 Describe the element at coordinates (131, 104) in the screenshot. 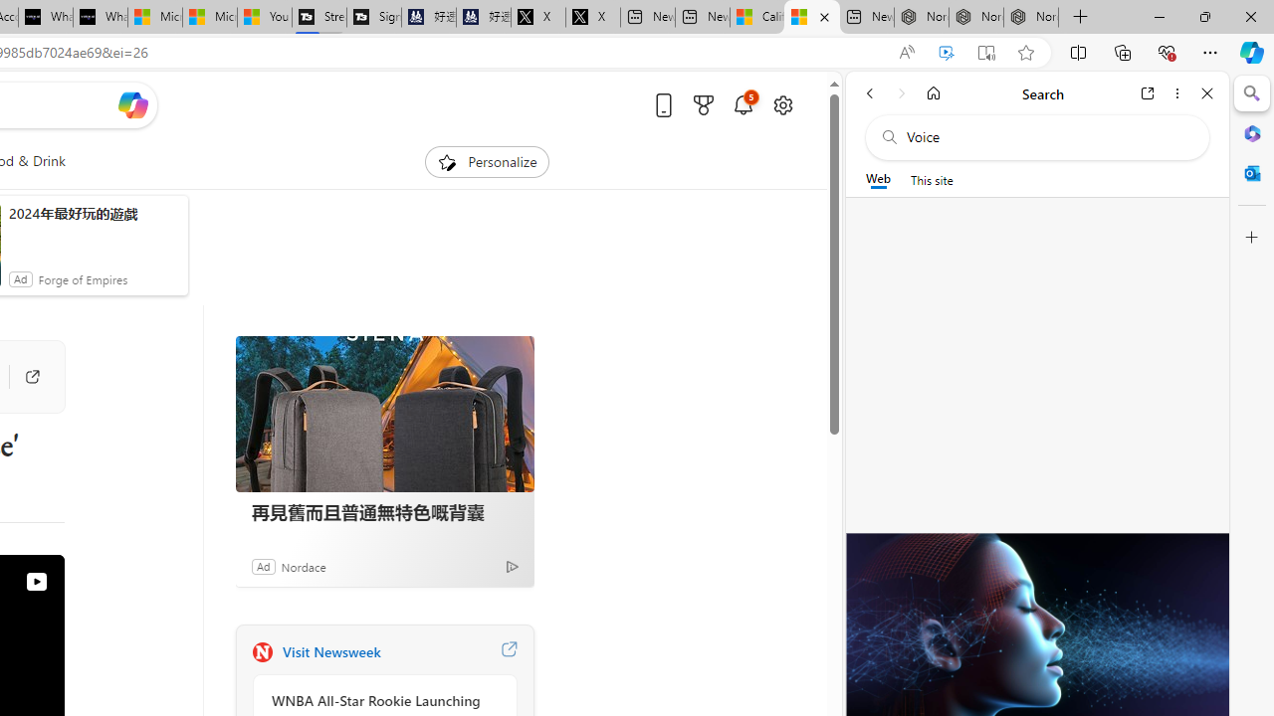

I see `'Open Copilot'` at that location.